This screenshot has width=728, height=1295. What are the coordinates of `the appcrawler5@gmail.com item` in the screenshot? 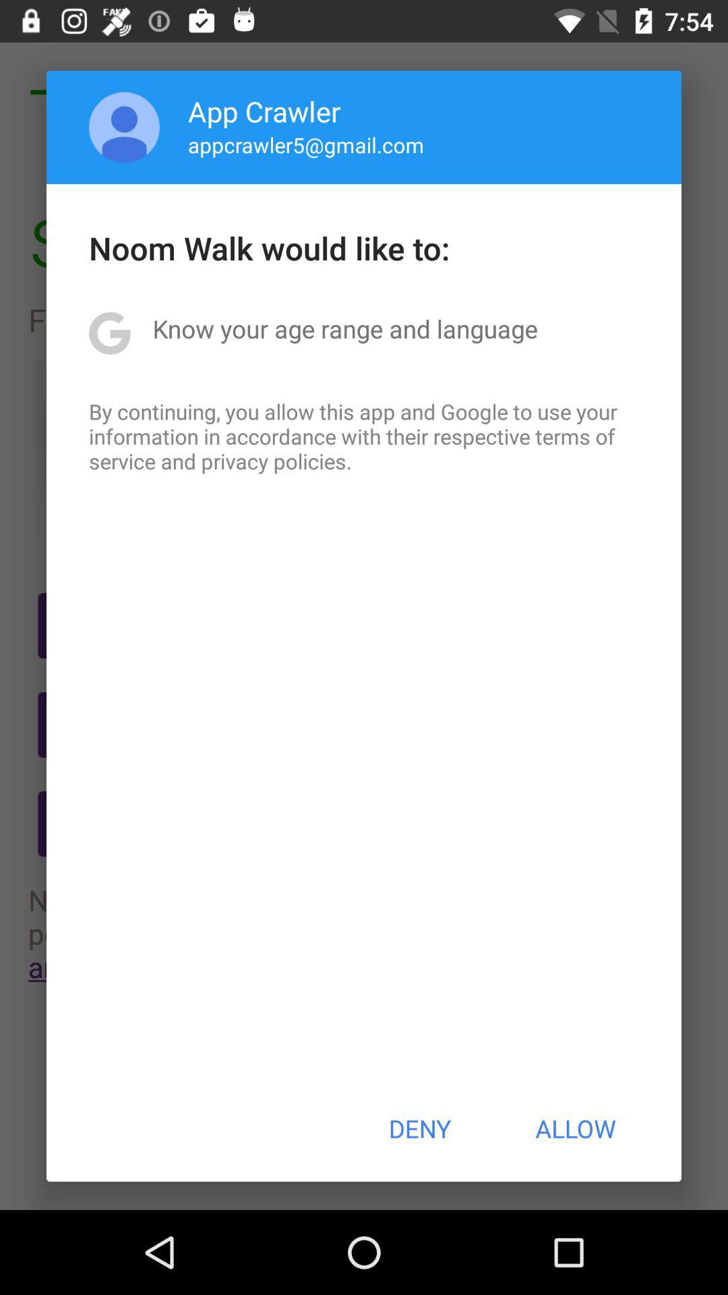 It's located at (306, 144).